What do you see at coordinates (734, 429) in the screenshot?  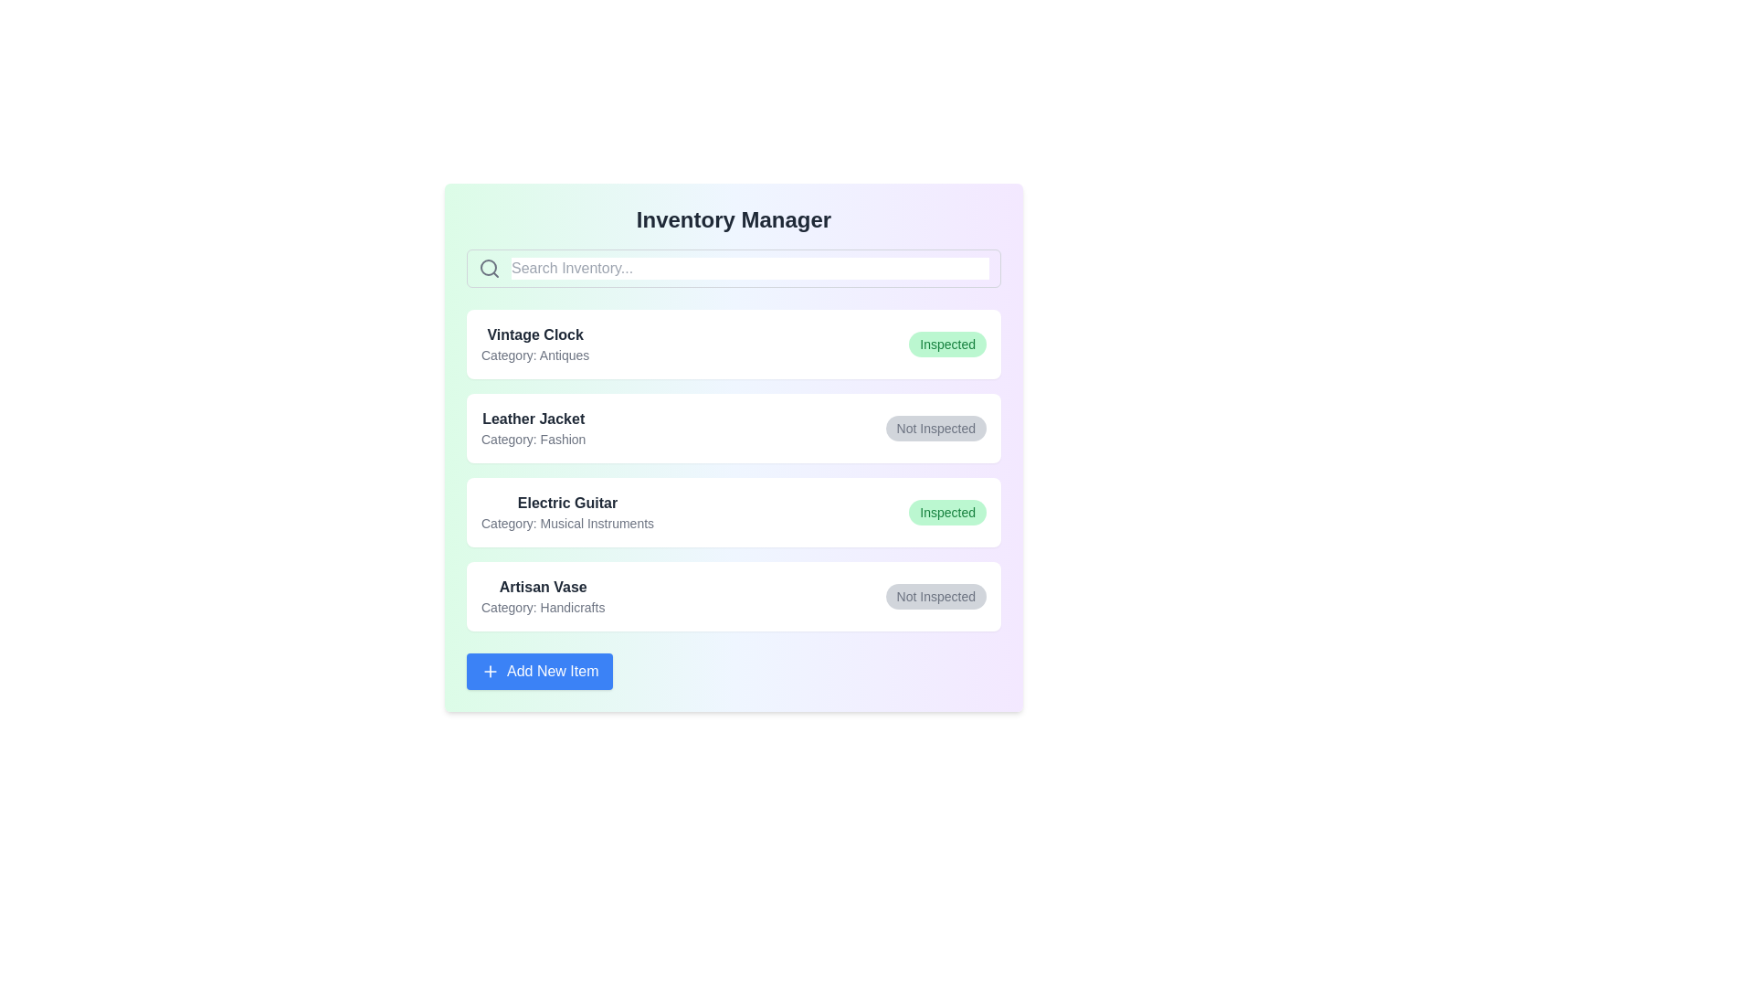 I see `the item details for Leather Jacket` at bounding box center [734, 429].